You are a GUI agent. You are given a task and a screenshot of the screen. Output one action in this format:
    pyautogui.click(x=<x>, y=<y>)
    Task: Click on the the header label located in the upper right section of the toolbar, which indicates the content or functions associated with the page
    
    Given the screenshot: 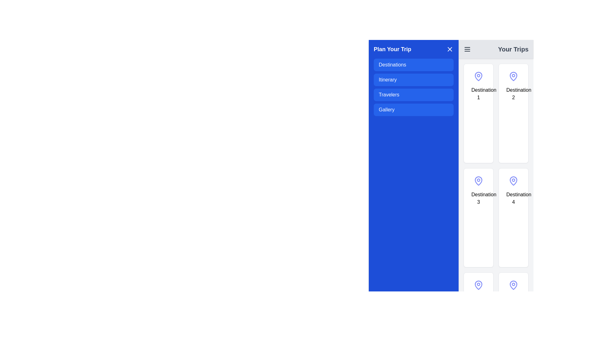 What is the action you would take?
    pyautogui.click(x=513, y=49)
    